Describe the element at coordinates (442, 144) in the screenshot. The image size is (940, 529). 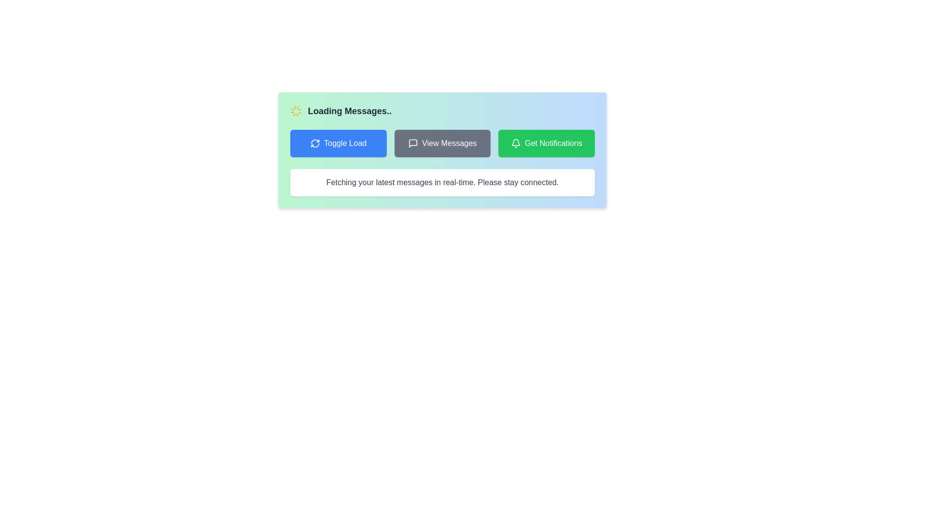
I see `the central button labeled 'View Messages' with a gray background and a speech bubble icon` at that location.